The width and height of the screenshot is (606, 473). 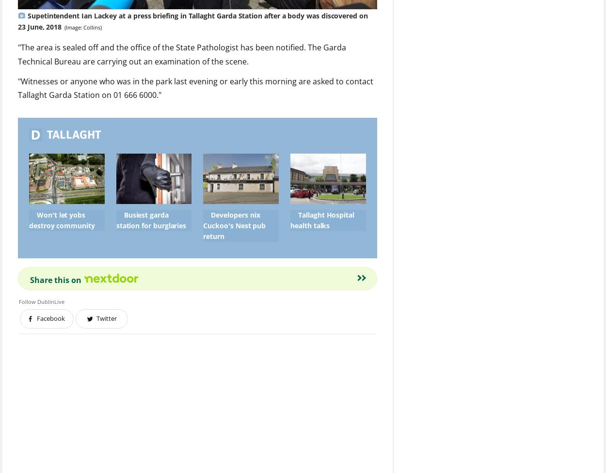 What do you see at coordinates (182, 54) in the screenshot?
I see `'"The area is sealed off and the office of the State Pathologist has been notified. The Garda Technical Bureau are carrying out an examination of the scene.'` at bounding box center [182, 54].